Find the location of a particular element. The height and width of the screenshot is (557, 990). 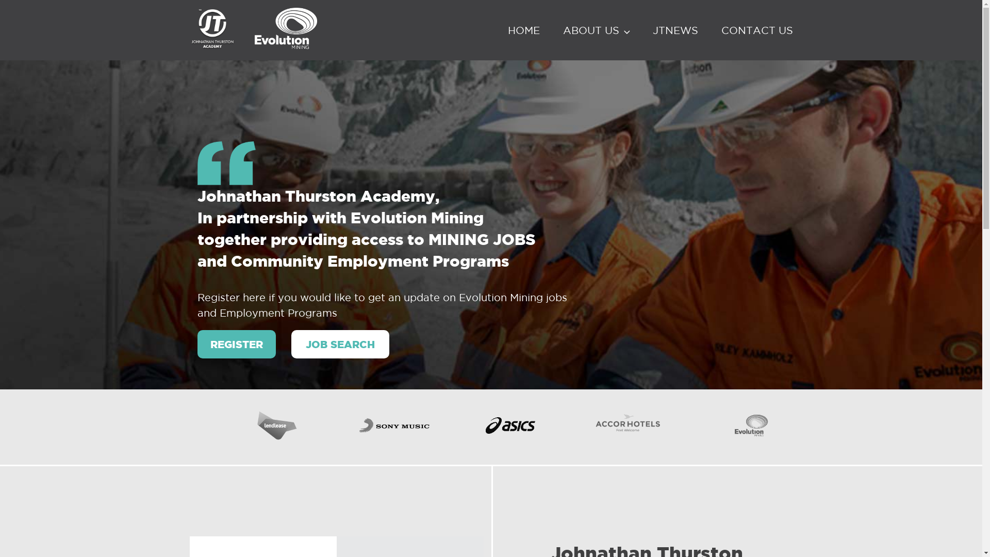

'HOME' is located at coordinates (507, 29).